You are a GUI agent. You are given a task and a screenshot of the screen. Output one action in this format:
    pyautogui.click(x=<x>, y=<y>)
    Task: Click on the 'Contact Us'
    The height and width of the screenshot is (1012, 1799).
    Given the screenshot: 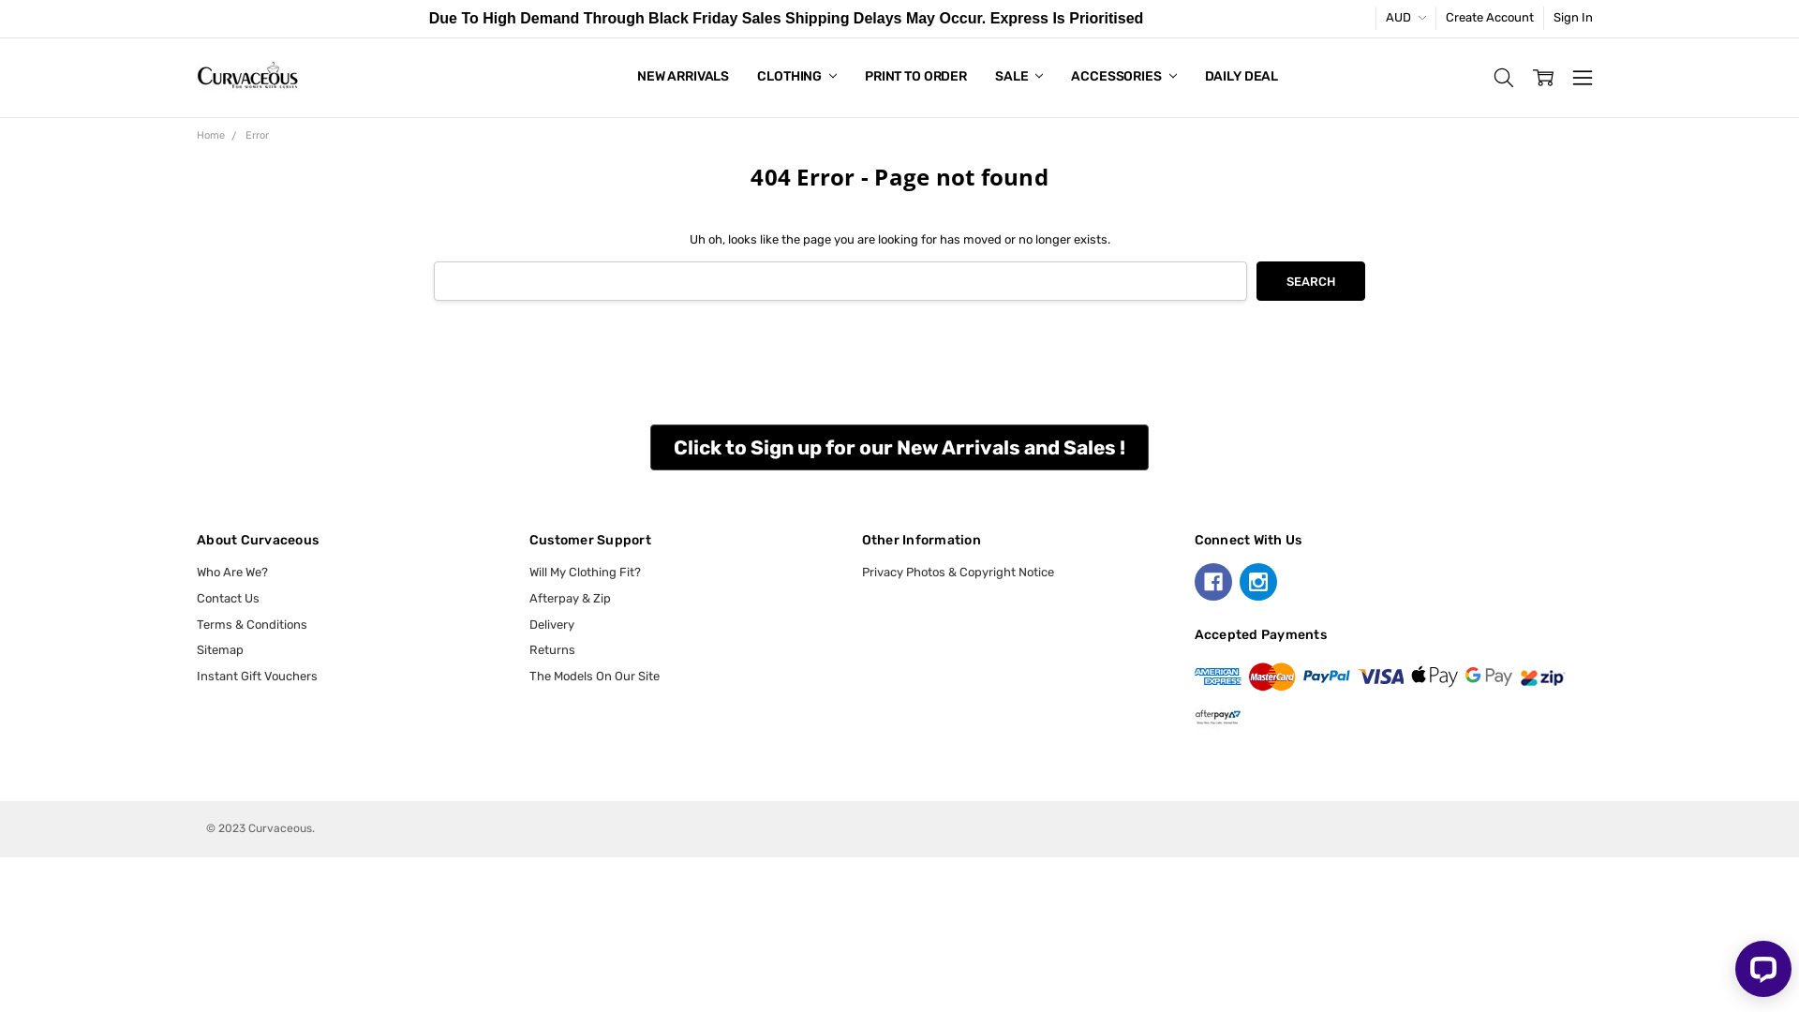 What is the action you would take?
    pyautogui.click(x=197, y=598)
    